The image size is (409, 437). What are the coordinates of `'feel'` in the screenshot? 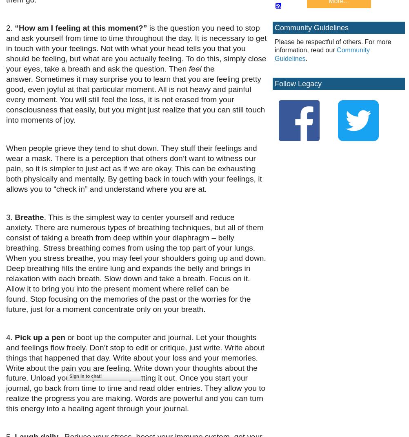 It's located at (194, 69).